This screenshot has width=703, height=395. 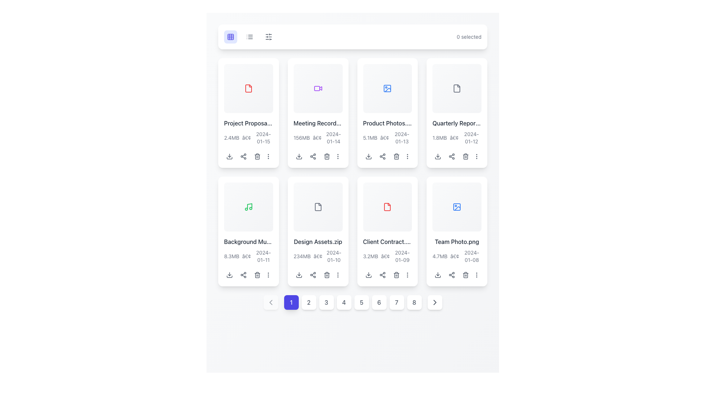 What do you see at coordinates (387, 88) in the screenshot?
I see `the icon located centrally in the upper region of the card titled 'Product Photos'` at bounding box center [387, 88].